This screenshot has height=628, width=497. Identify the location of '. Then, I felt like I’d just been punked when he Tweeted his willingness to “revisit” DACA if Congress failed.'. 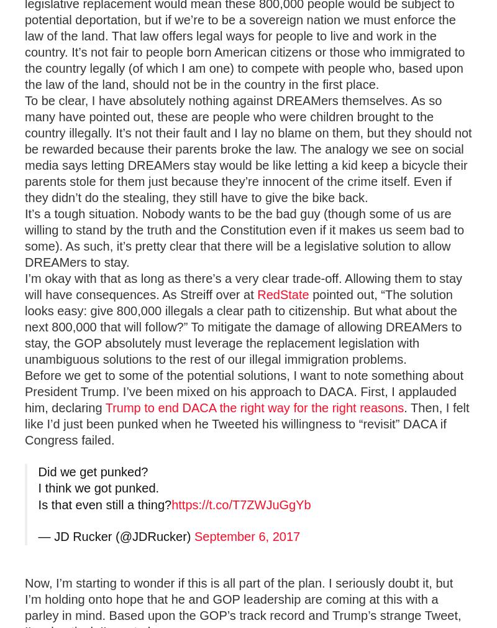
(246, 423).